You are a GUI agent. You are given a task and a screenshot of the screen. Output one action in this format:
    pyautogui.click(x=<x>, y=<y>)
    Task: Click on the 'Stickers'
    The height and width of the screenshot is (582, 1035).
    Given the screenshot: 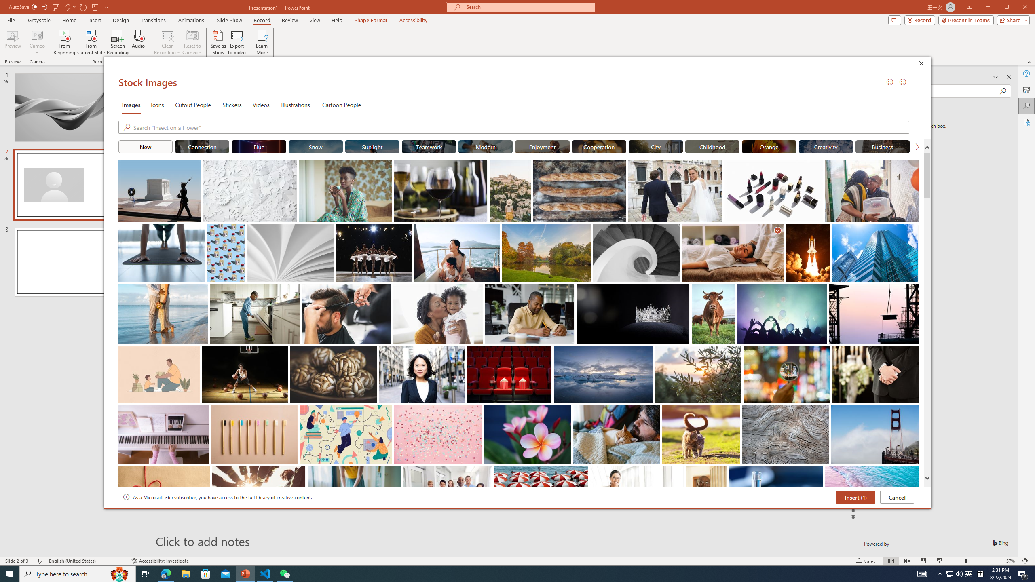 What is the action you would take?
    pyautogui.click(x=232, y=104)
    